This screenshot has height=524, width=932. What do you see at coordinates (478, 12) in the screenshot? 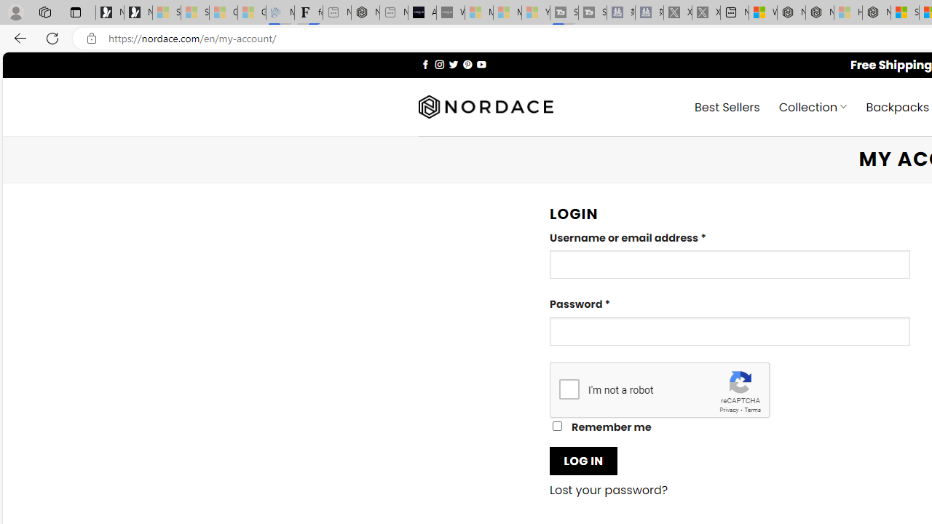
I see `'Microsoft Start Sports - Sleeping'` at bounding box center [478, 12].